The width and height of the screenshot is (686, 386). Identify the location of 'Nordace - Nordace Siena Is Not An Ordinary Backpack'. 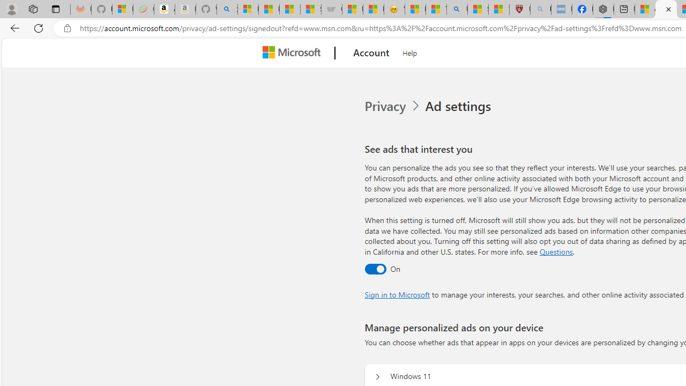
(603, 9).